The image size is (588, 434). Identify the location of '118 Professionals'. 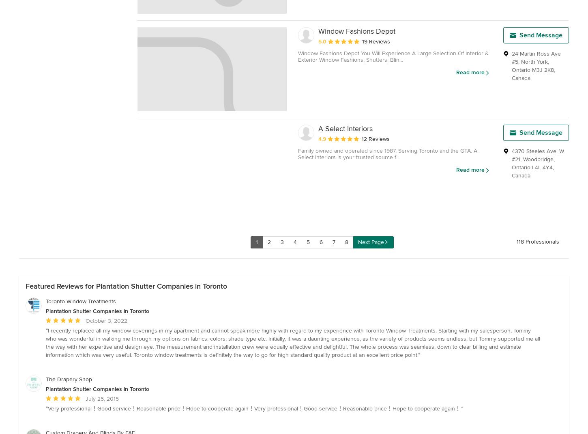
(538, 242).